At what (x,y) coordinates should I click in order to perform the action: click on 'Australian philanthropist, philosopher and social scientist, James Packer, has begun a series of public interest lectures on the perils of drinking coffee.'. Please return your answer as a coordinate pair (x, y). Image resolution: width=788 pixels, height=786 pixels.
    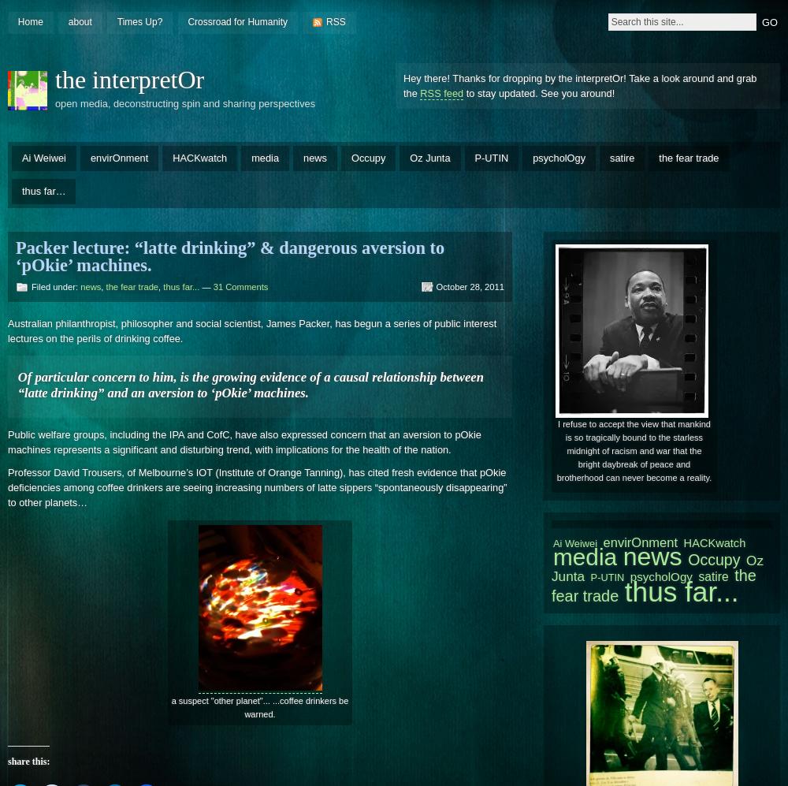
    Looking at the image, I should click on (251, 330).